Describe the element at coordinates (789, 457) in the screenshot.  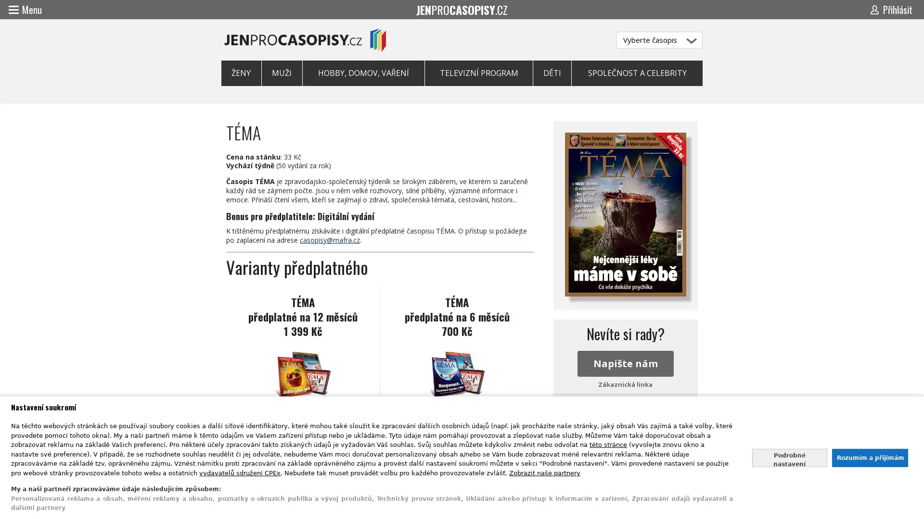
I see `Nastavte sve souhlasy` at that location.